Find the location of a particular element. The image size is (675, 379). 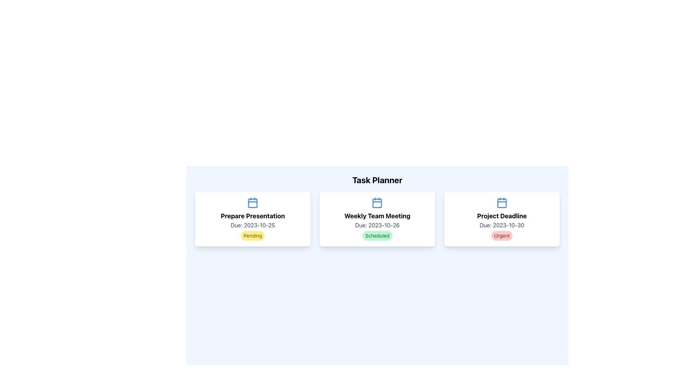

the 'Project Deadline' task card in the 'Task Planner' section is located at coordinates (501, 219).